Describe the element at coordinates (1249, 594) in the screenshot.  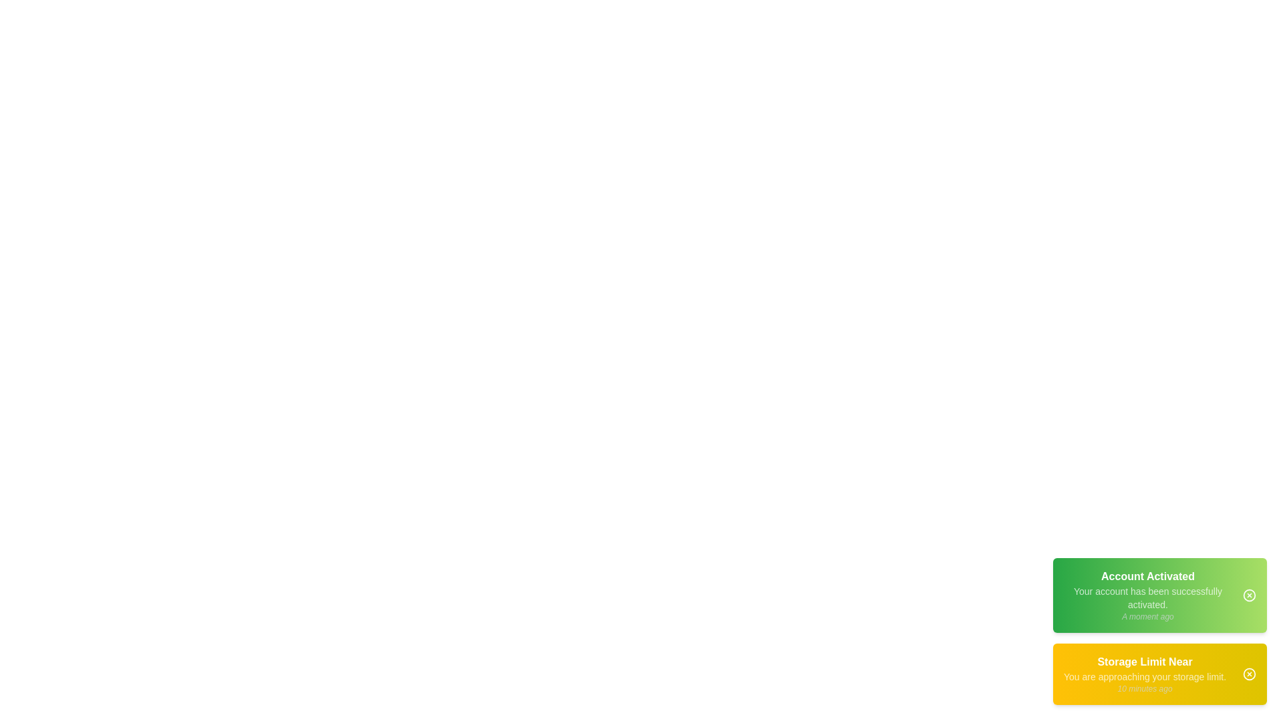
I see `the close button of the notification corresponding to Account Activated` at that location.